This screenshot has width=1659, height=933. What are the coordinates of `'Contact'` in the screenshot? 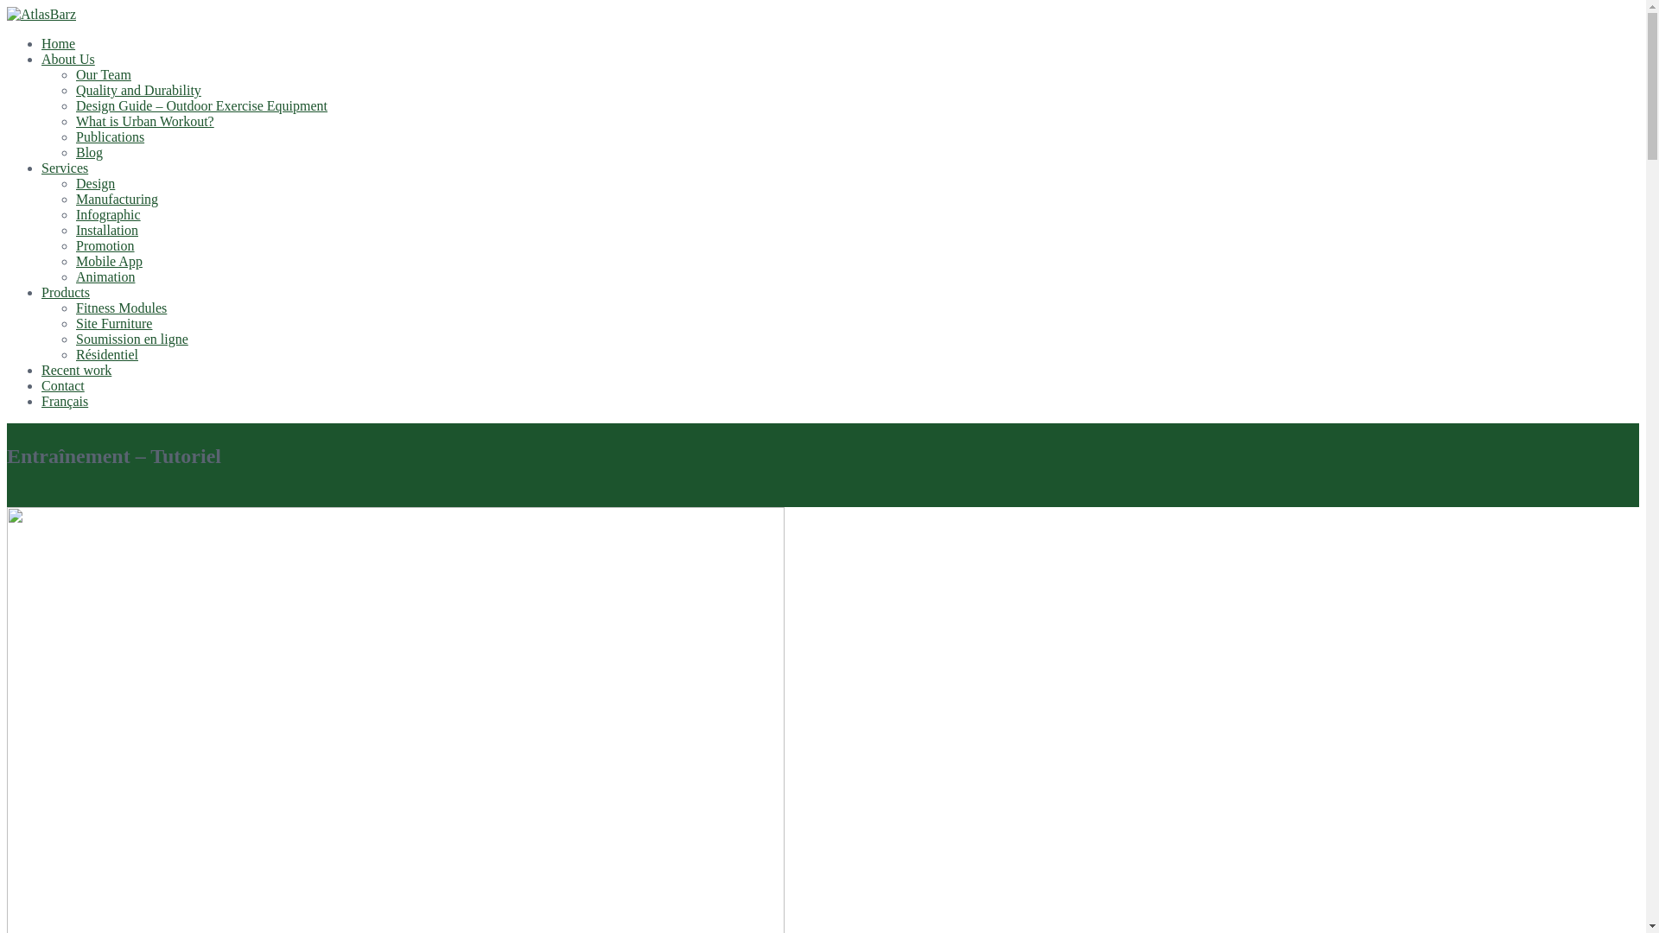 It's located at (41, 384).